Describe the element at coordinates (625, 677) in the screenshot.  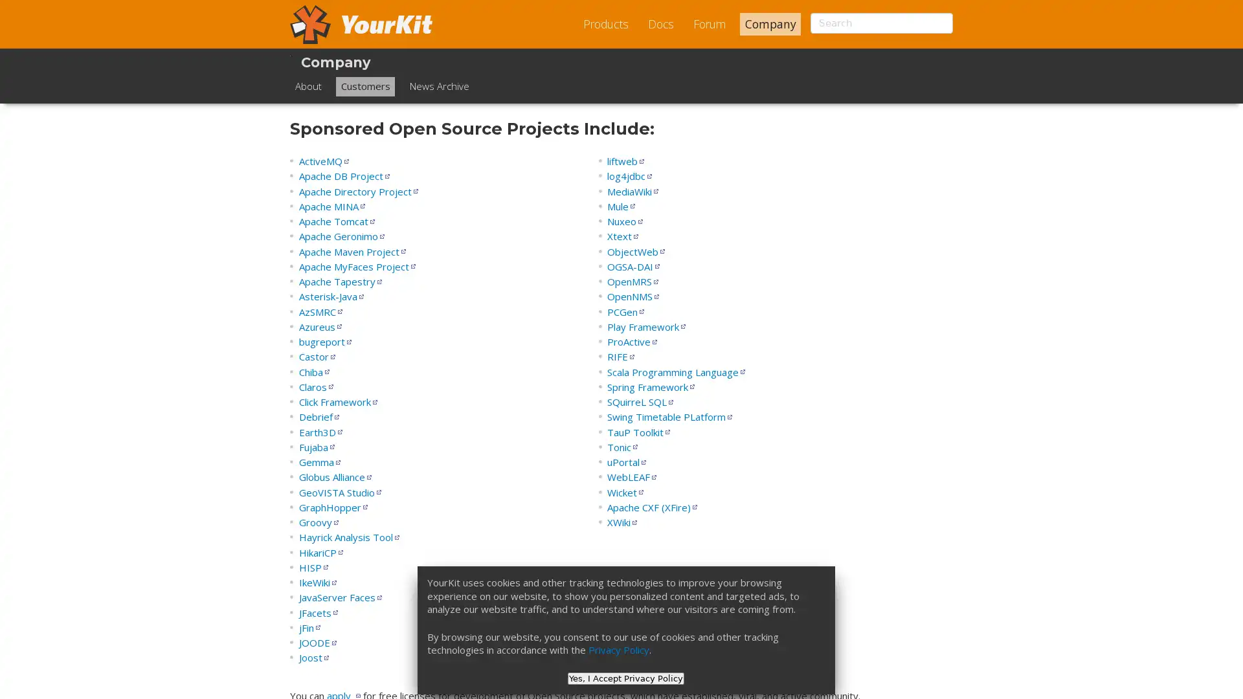
I see `Yes, I Accept Privacy Policy` at that location.